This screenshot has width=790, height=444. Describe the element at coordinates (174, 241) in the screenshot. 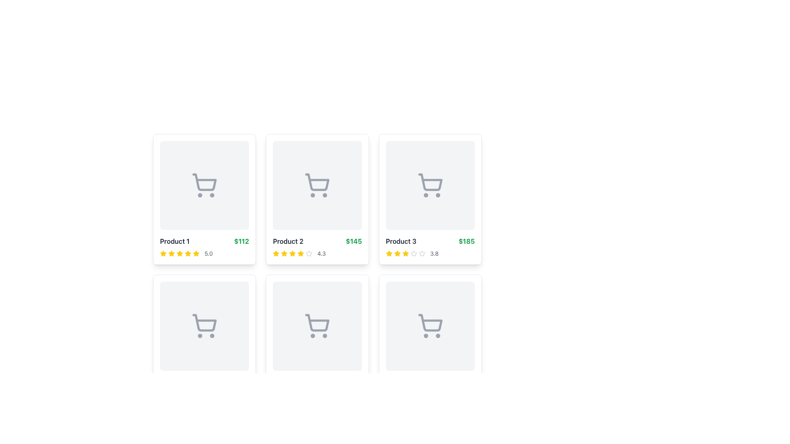

I see `bold text label reading 'Product 1', which is positioned in the top-left part of a product card, above the star ratings` at that location.